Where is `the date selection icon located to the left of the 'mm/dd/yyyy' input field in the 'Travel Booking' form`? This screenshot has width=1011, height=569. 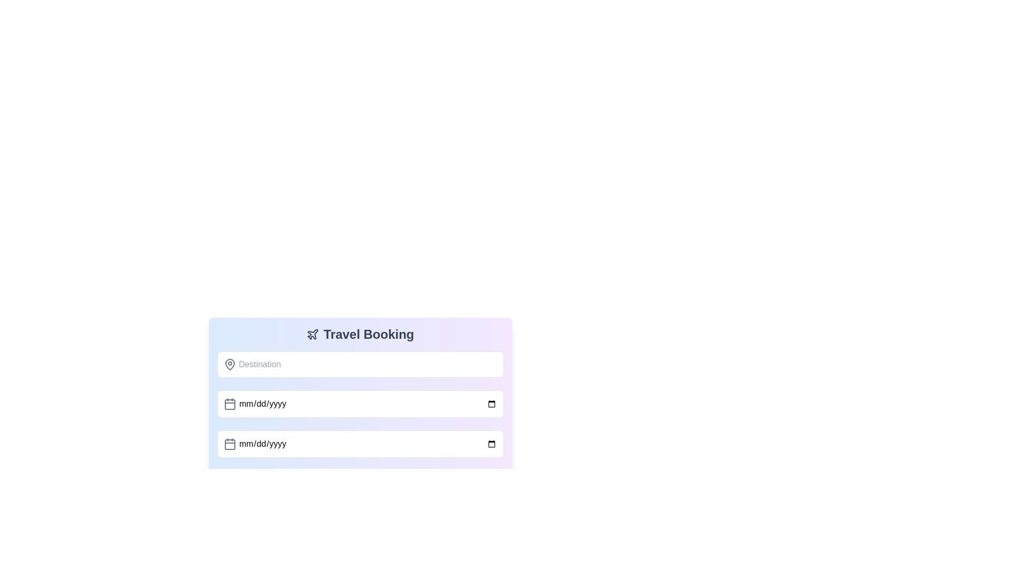 the date selection icon located to the left of the 'mm/dd/yyyy' input field in the 'Travel Booking' form is located at coordinates (229, 404).